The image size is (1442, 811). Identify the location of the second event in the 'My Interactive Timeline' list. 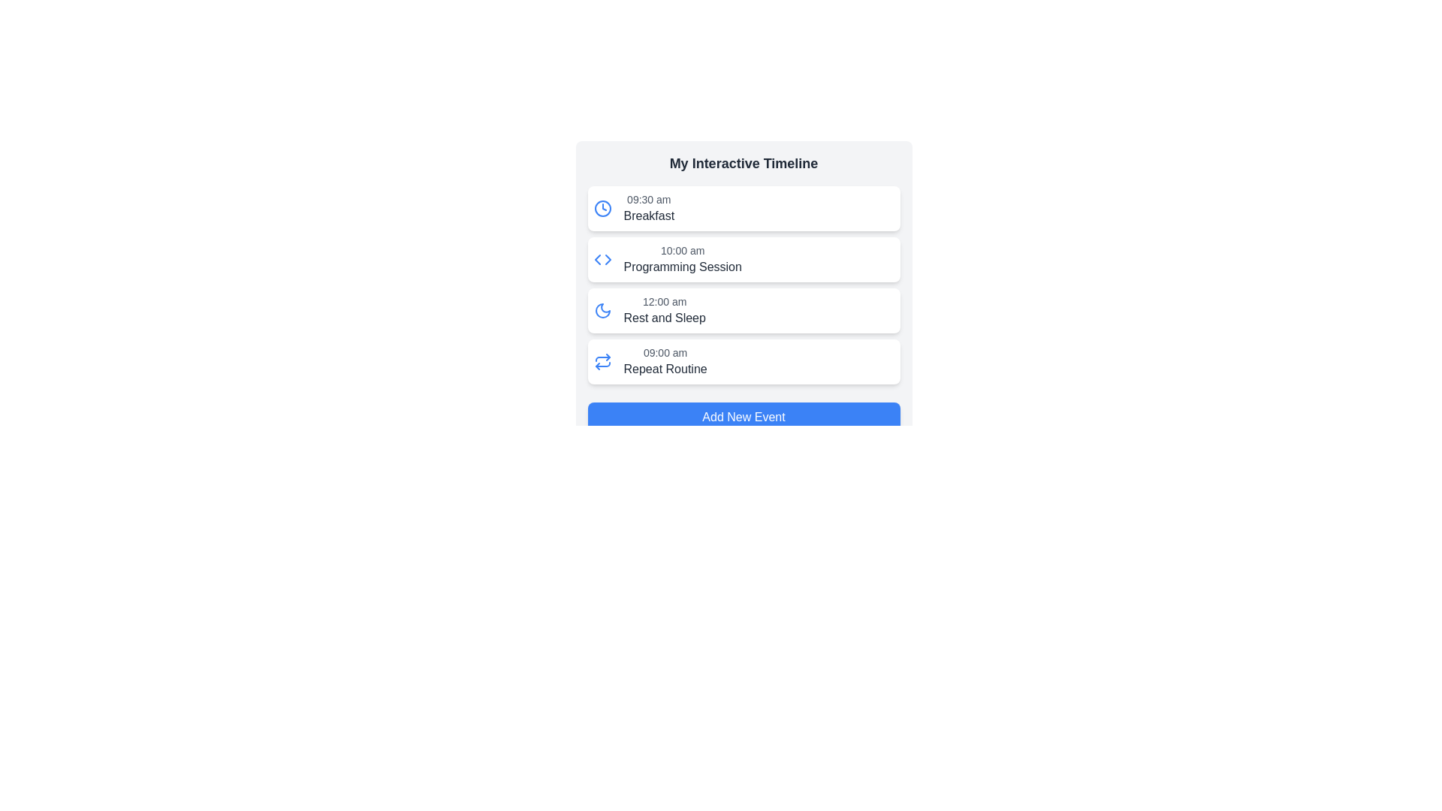
(667, 259).